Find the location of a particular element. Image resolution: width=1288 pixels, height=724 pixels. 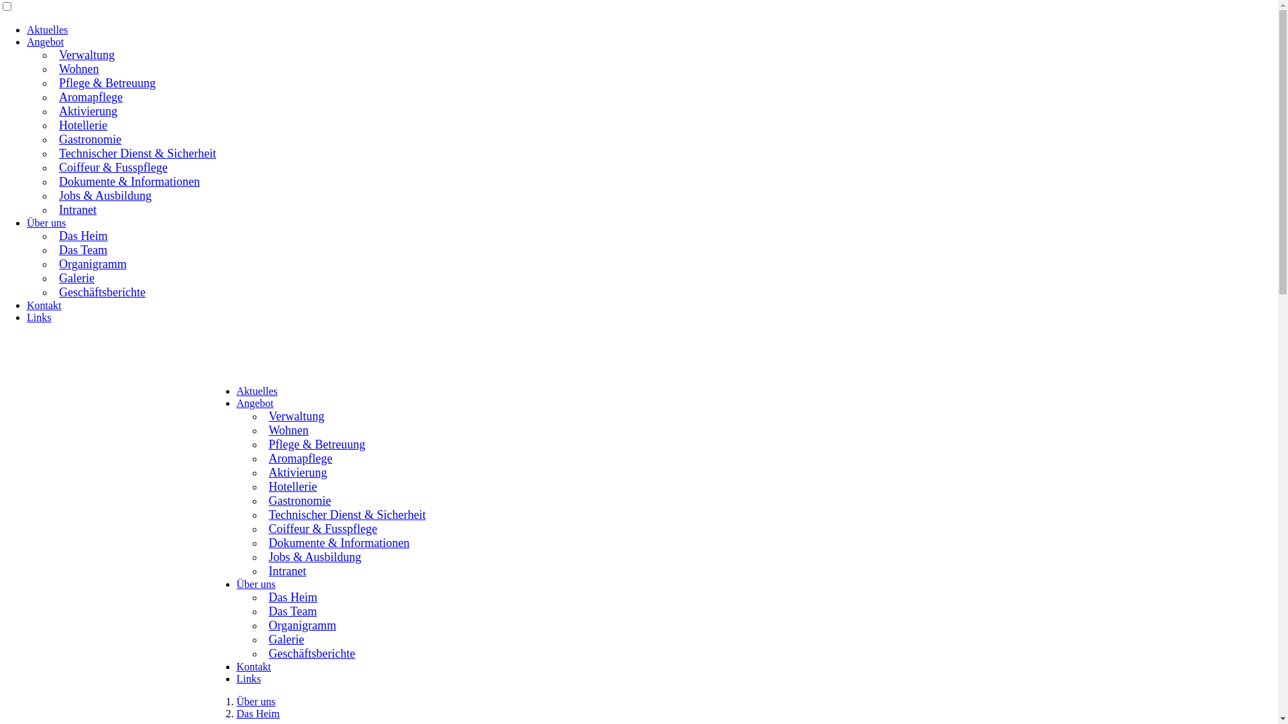

'Technischer Dienst & Sicherheit' is located at coordinates (136, 152).